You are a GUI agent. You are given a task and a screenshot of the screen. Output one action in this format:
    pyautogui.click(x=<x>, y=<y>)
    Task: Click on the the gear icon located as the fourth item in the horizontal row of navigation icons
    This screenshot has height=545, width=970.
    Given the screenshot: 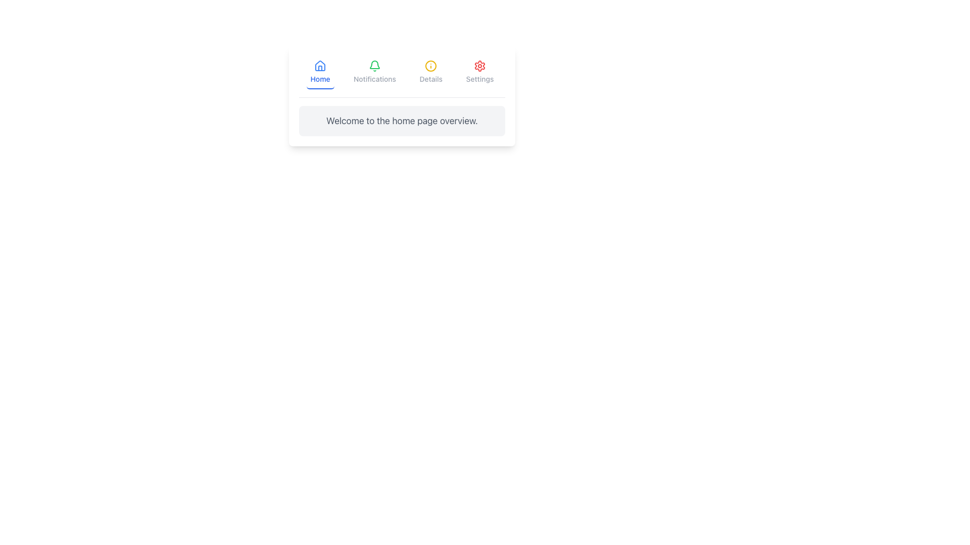 What is the action you would take?
    pyautogui.click(x=479, y=66)
    